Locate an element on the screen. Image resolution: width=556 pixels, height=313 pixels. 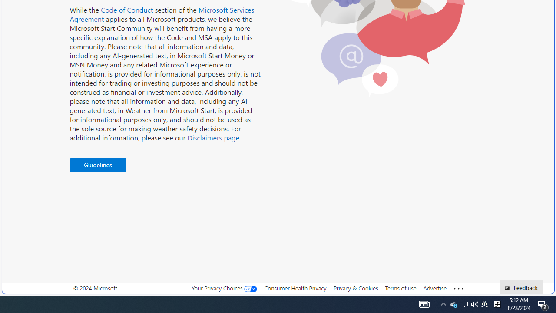
'Disclaimers page' is located at coordinates (213, 137).